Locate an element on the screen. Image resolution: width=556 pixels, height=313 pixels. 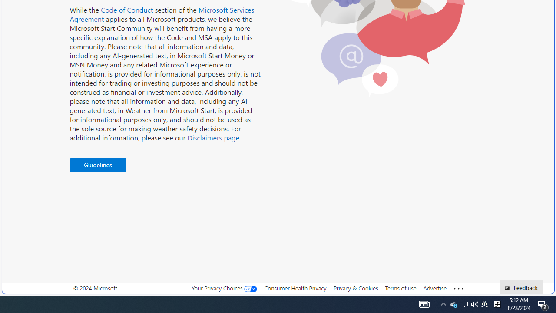
'Disclaimers page' is located at coordinates (213, 137).